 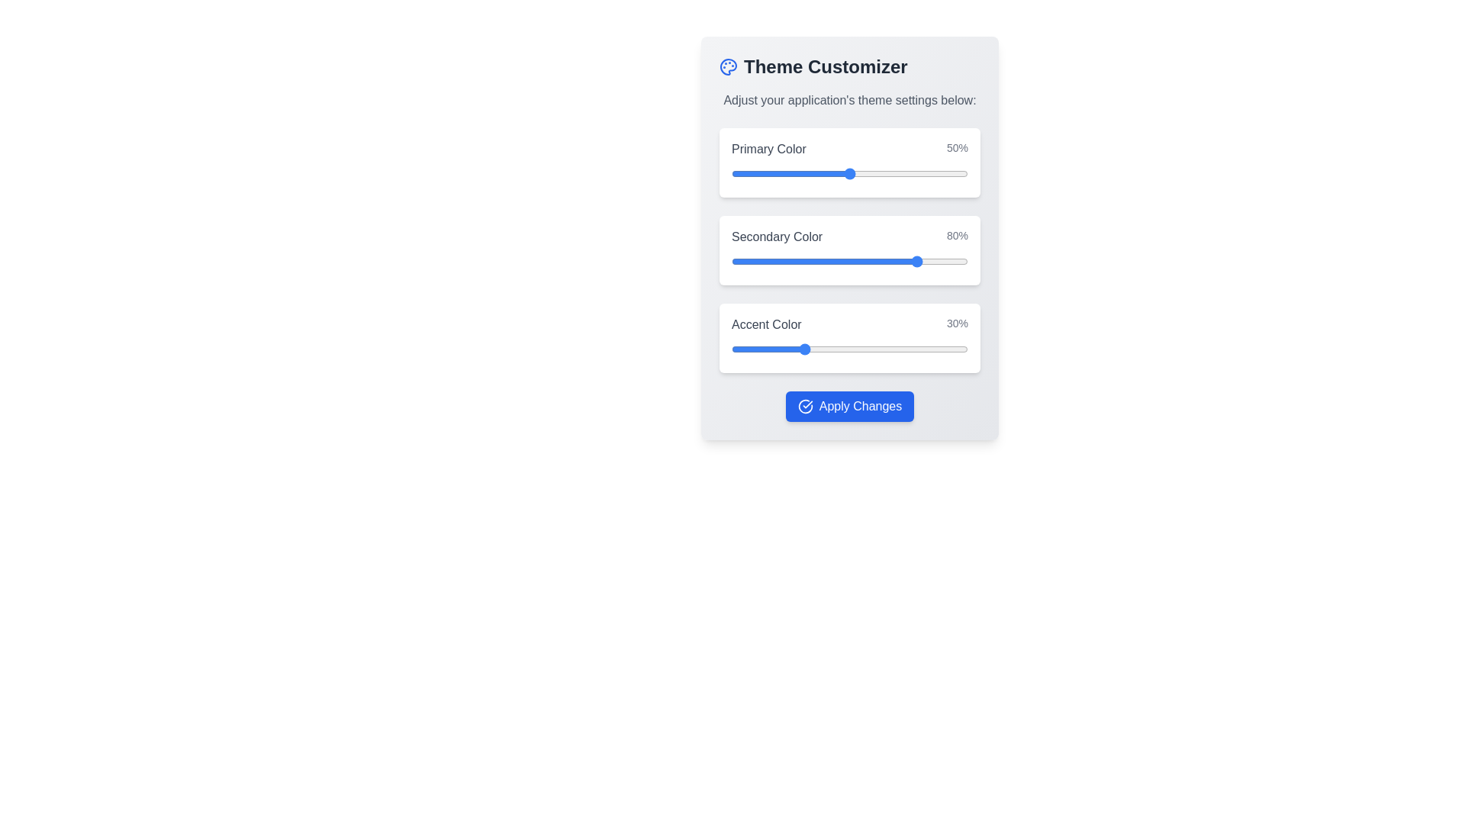 What do you see at coordinates (743, 349) in the screenshot?
I see `the accent color percentage` at bounding box center [743, 349].